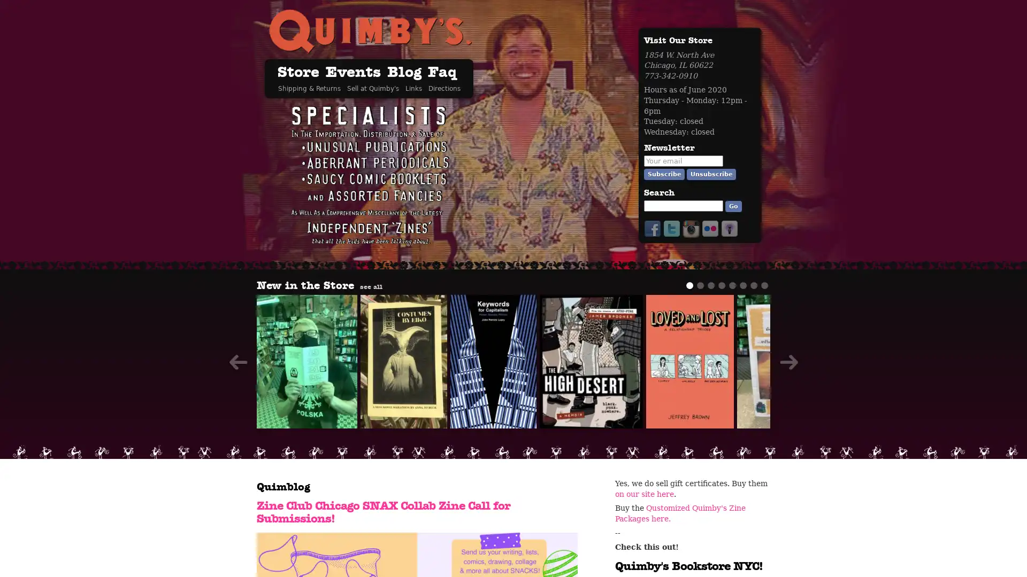 This screenshot has height=577, width=1027. I want to click on Go, so click(733, 206).